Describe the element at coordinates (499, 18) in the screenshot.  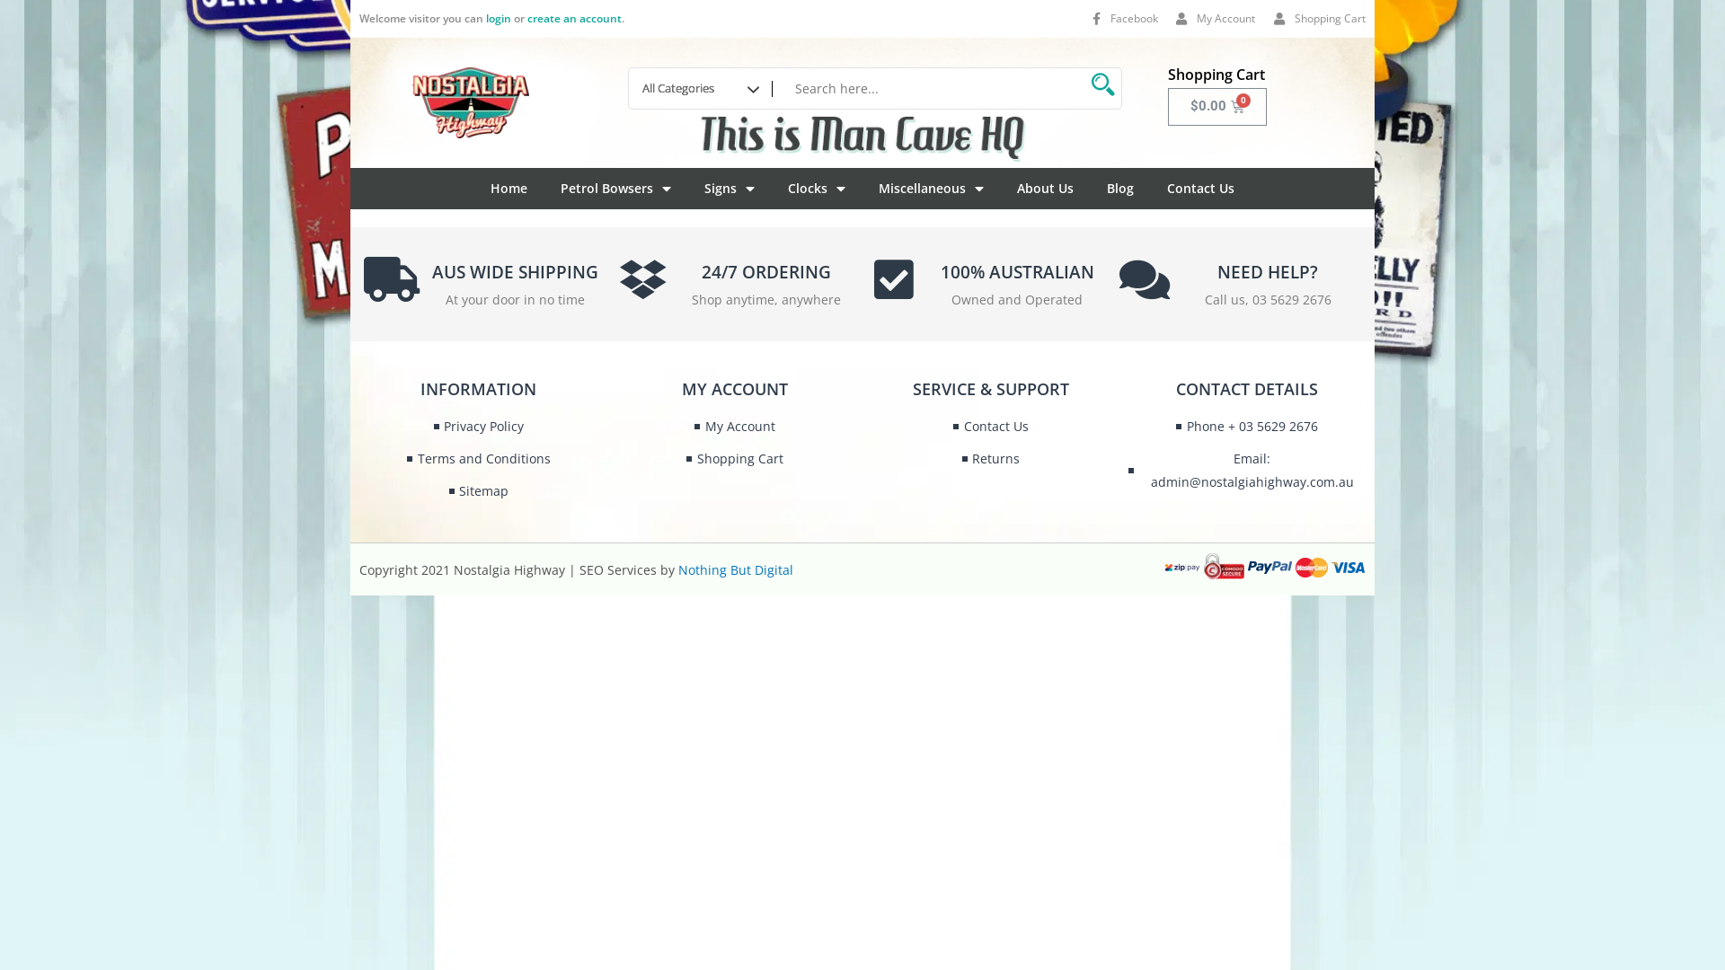
I see `'login'` at that location.